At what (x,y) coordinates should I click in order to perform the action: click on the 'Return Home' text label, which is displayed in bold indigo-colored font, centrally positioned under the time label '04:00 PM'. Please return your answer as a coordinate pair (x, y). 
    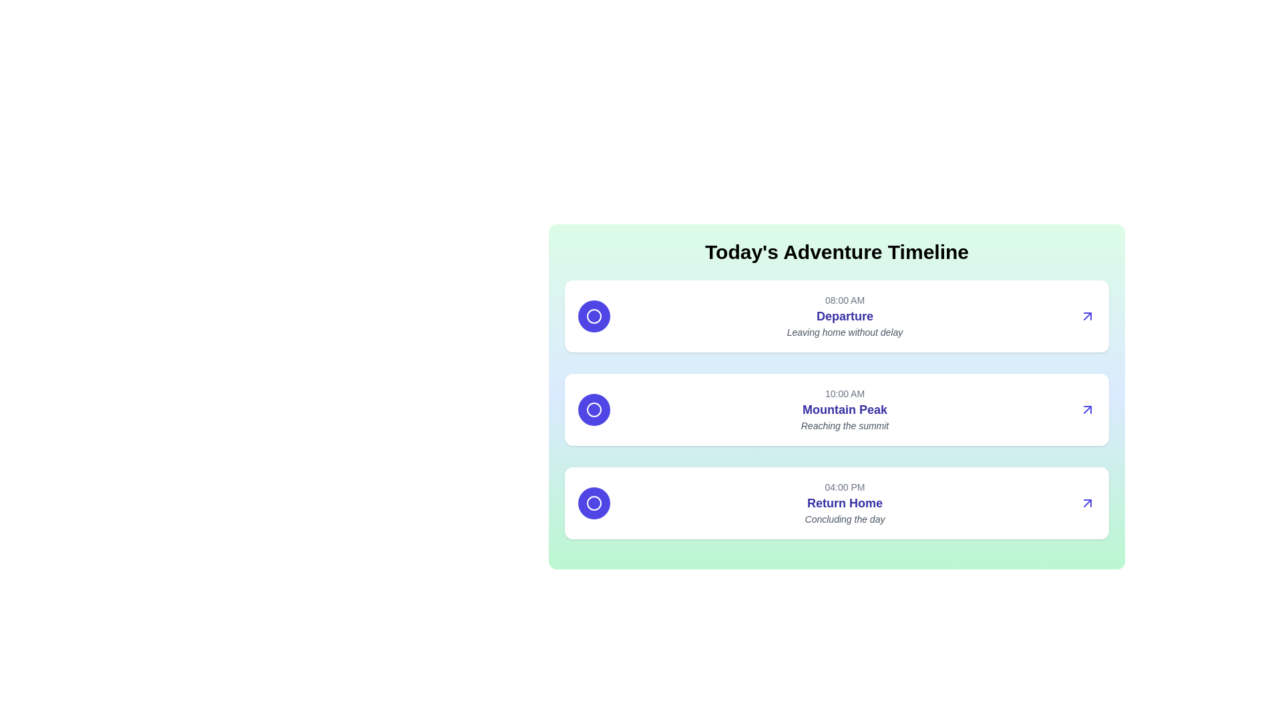
    Looking at the image, I should click on (844, 503).